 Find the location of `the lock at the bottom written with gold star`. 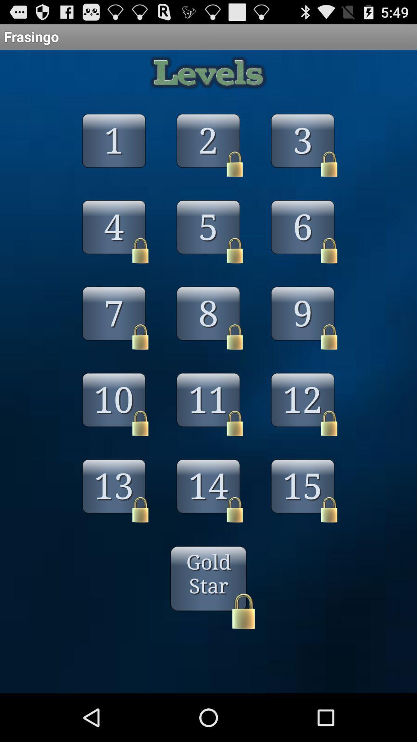

the lock at the bottom written with gold star is located at coordinates (244, 611).